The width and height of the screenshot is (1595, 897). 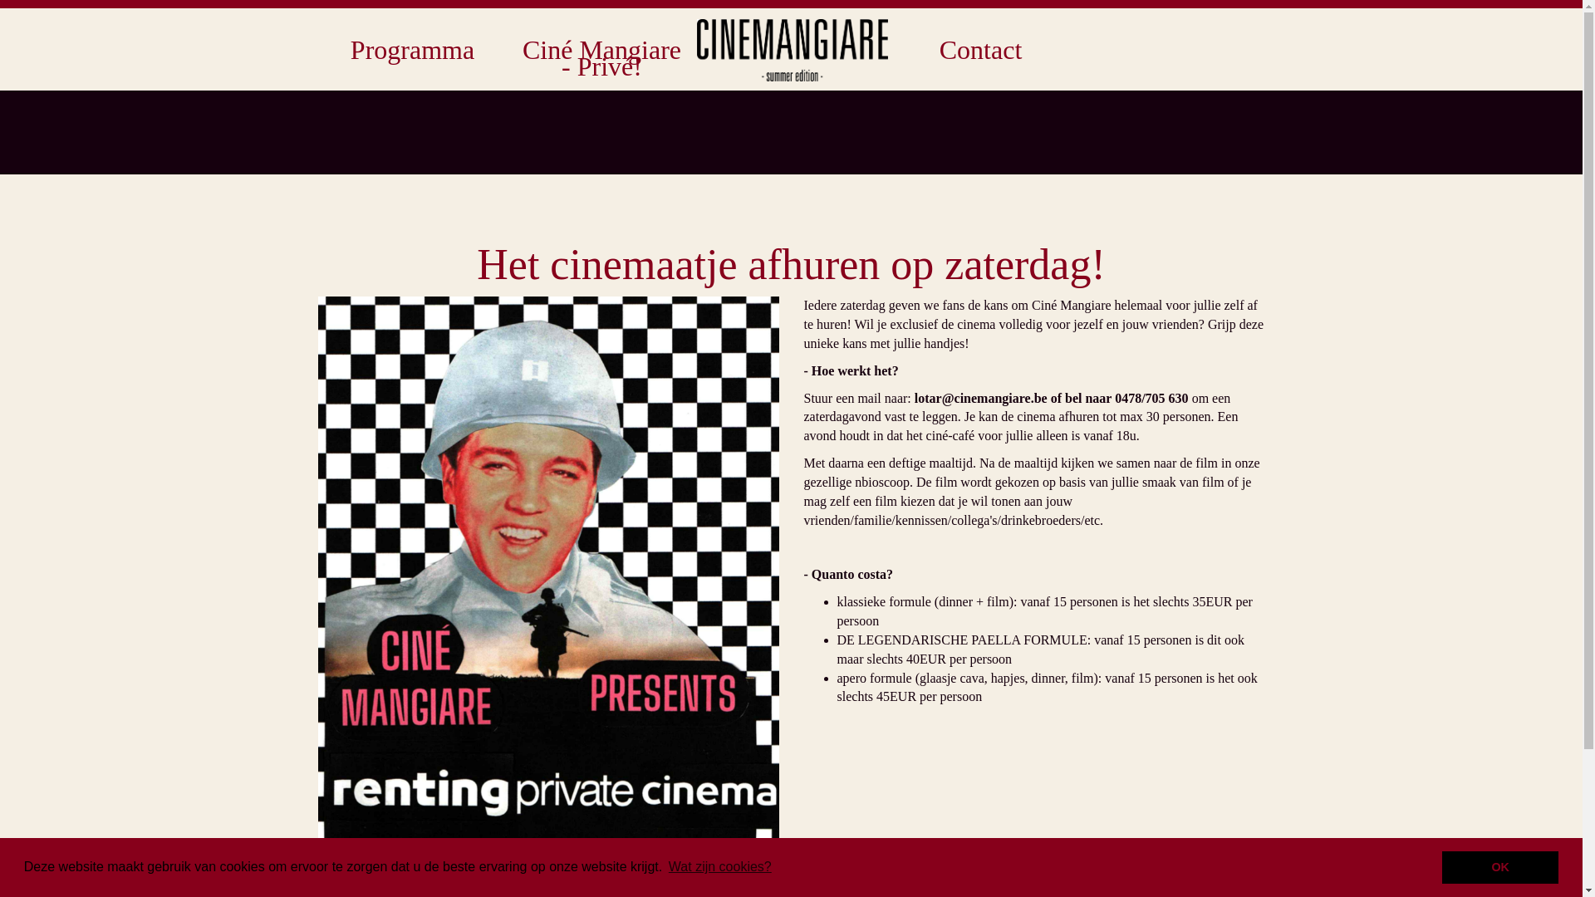 What do you see at coordinates (980, 49) in the screenshot?
I see `'Contact'` at bounding box center [980, 49].